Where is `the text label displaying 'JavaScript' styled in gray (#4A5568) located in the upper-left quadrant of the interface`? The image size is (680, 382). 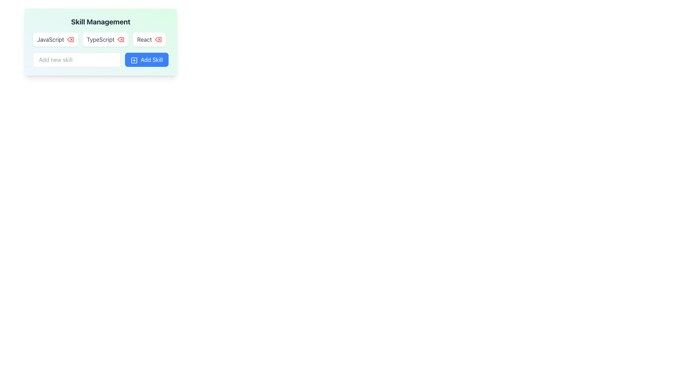 the text label displaying 'JavaScript' styled in gray (#4A5568) located in the upper-left quadrant of the interface is located at coordinates (50, 39).